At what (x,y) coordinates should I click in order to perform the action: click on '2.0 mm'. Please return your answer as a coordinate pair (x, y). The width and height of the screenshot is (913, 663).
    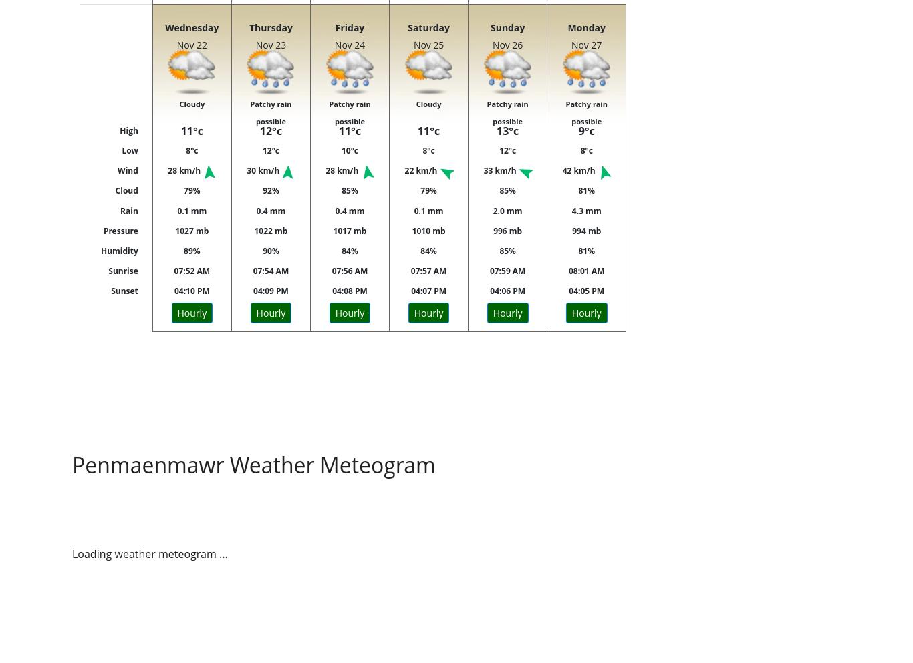
    Looking at the image, I should click on (492, 211).